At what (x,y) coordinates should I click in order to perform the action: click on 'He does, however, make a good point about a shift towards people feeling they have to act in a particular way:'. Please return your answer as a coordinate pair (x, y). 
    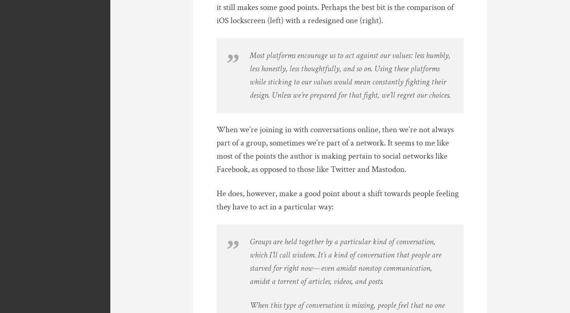
    Looking at the image, I should click on (217, 200).